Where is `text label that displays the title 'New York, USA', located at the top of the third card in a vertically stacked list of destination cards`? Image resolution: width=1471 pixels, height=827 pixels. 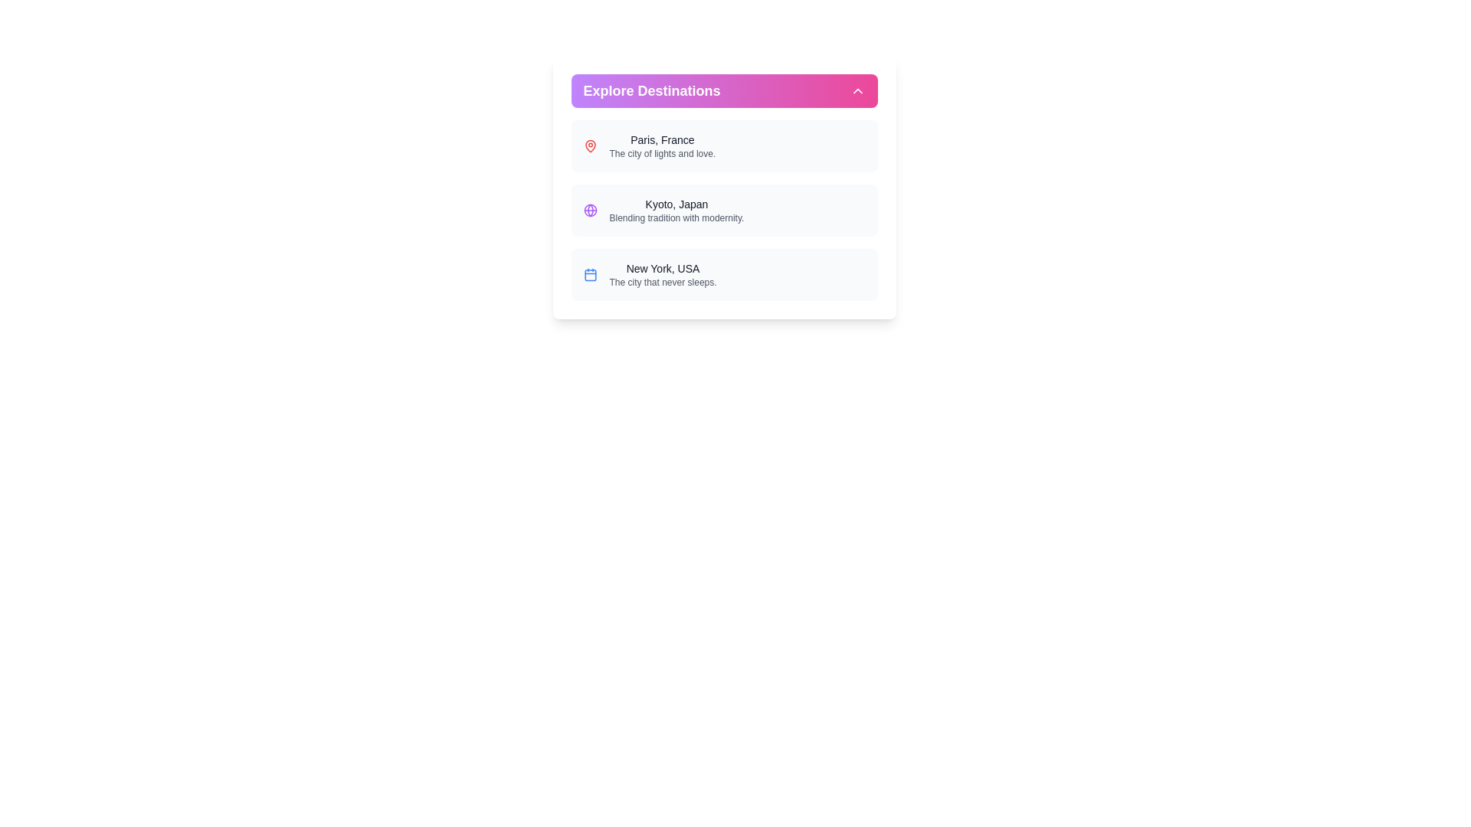 text label that displays the title 'New York, USA', located at the top of the third card in a vertically stacked list of destination cards is located at coordinates (663, 268).